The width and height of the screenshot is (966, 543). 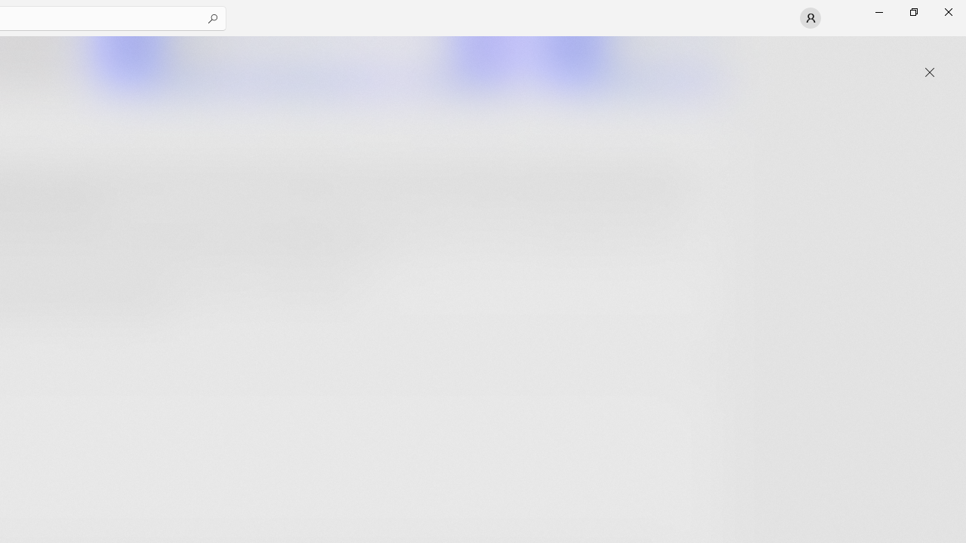 What do you see at coordinates (947, 11) in the screenshot?
I see `'Close Microsoft Store'` at bounding box center [947, 11].